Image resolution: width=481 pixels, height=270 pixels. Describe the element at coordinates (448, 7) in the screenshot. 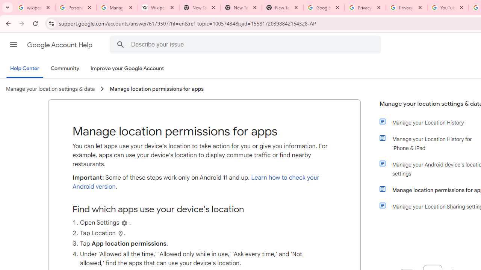

I see `'YouTube'` at that location.